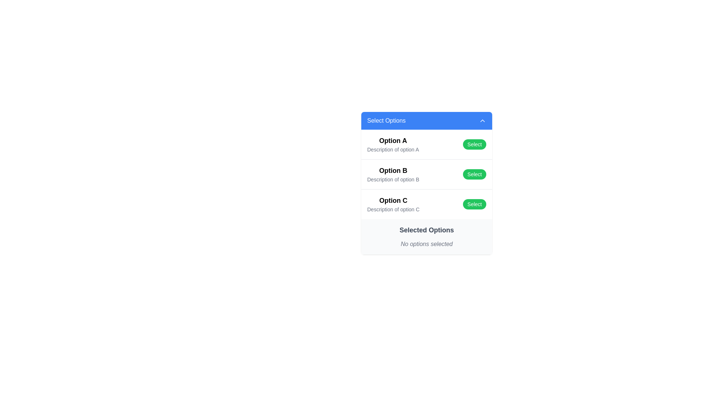 The width and height of the screenshot is (710, 399). What do you see at coordinates (426, 144) in the screenshot?
I see `the first selectable list item with a green 'Select' button in the 'Select Options' box by moving the cursor to its center` at bounding box center [426, 144].